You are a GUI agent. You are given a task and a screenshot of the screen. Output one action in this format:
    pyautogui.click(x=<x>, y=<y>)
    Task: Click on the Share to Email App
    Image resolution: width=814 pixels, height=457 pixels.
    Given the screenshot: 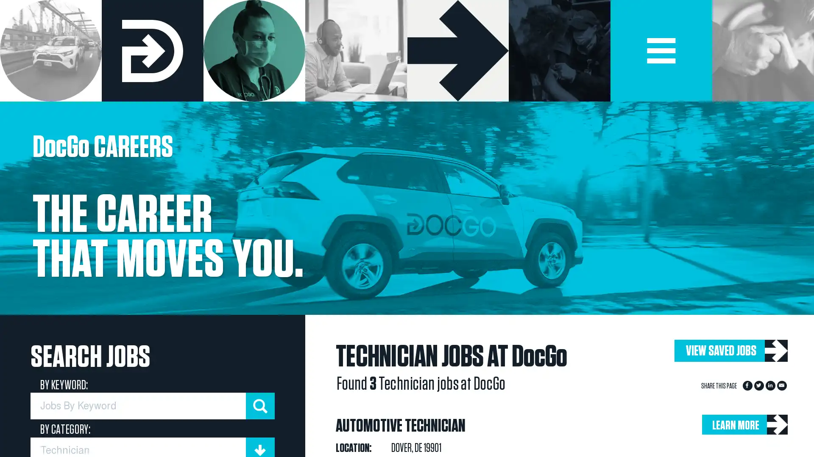 What is the action you would take?
    pyautogui.click(x=781, y=385)
    